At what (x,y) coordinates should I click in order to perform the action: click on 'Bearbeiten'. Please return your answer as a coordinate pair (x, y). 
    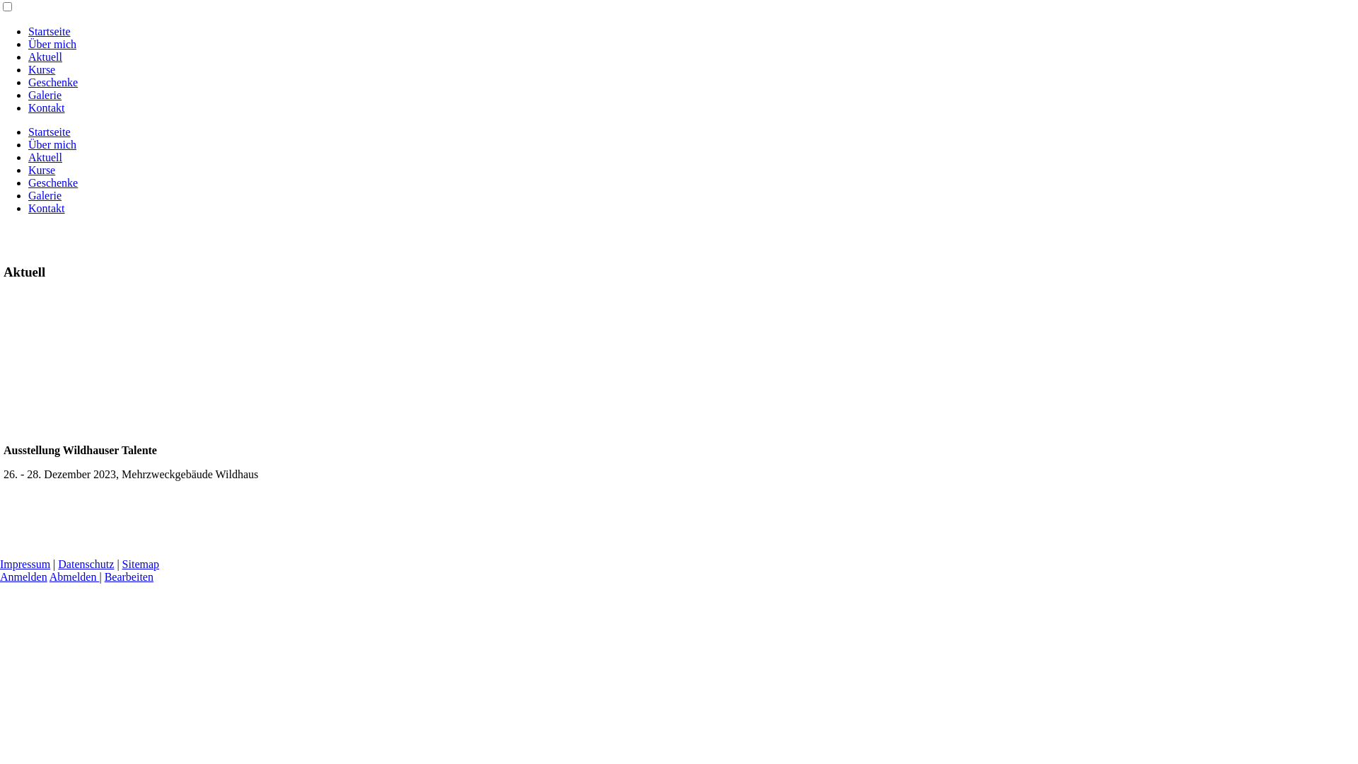
    Looking at the image, I should click on (129, 577).